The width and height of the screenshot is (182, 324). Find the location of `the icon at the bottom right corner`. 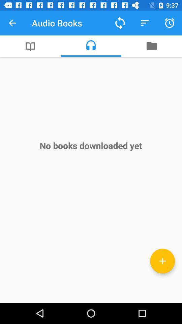

the icon at the bottom right corner is located at coordinates (162, 261).